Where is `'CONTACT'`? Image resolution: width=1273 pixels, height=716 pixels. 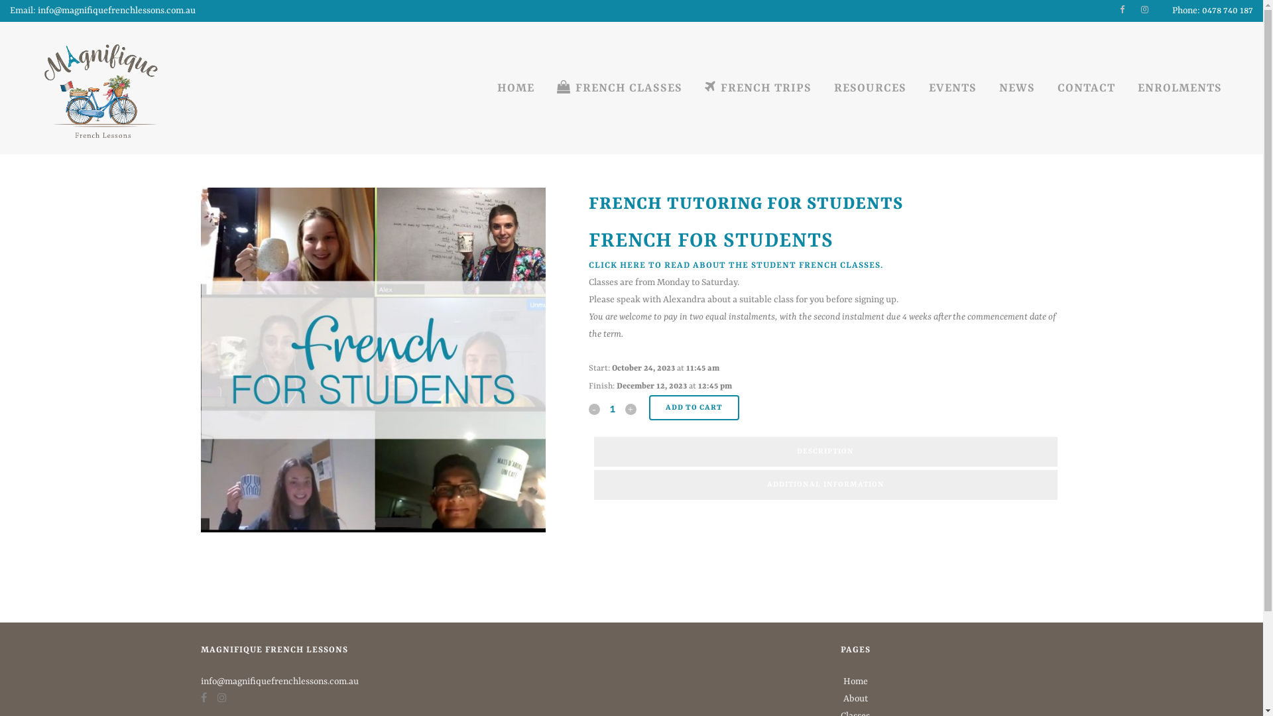 'CONTACT' is located at coordinates (1086, 88).